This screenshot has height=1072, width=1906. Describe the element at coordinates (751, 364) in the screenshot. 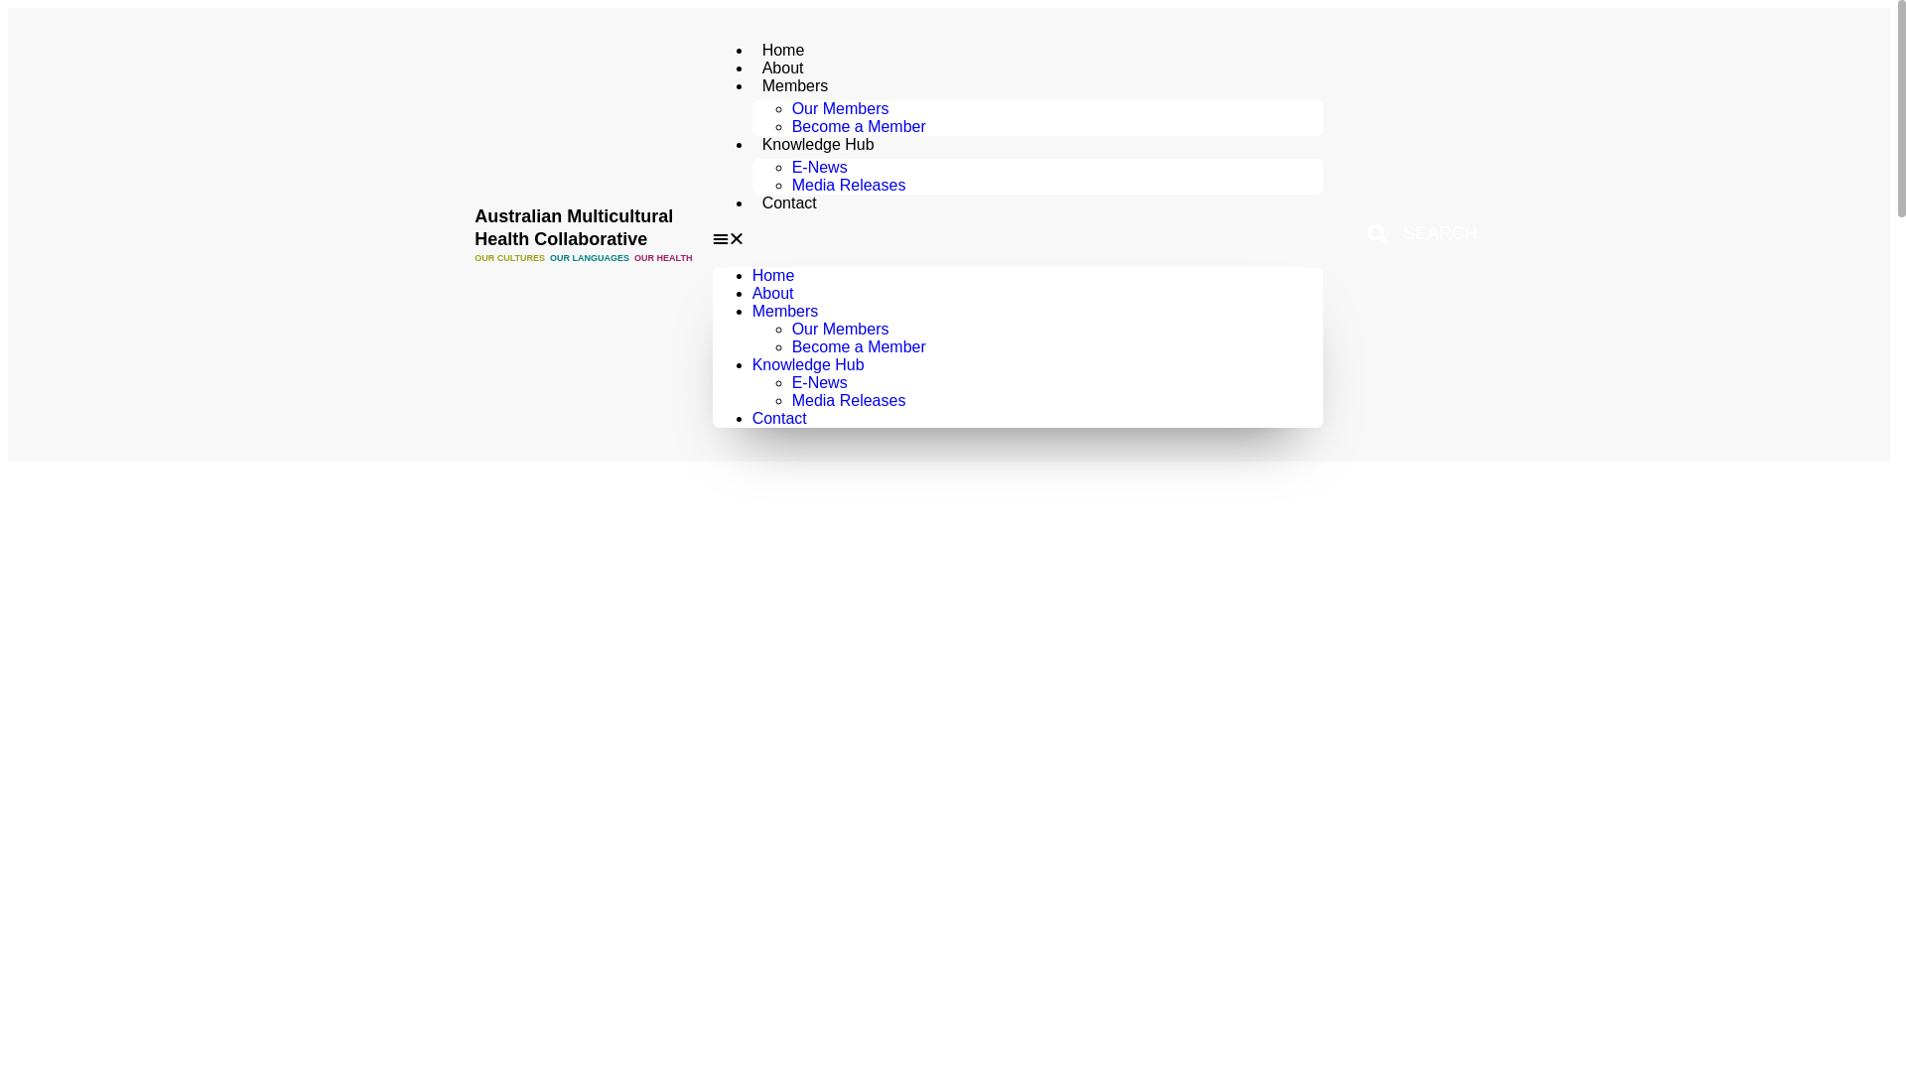

I see `'Knowledge Hub'` at that location.